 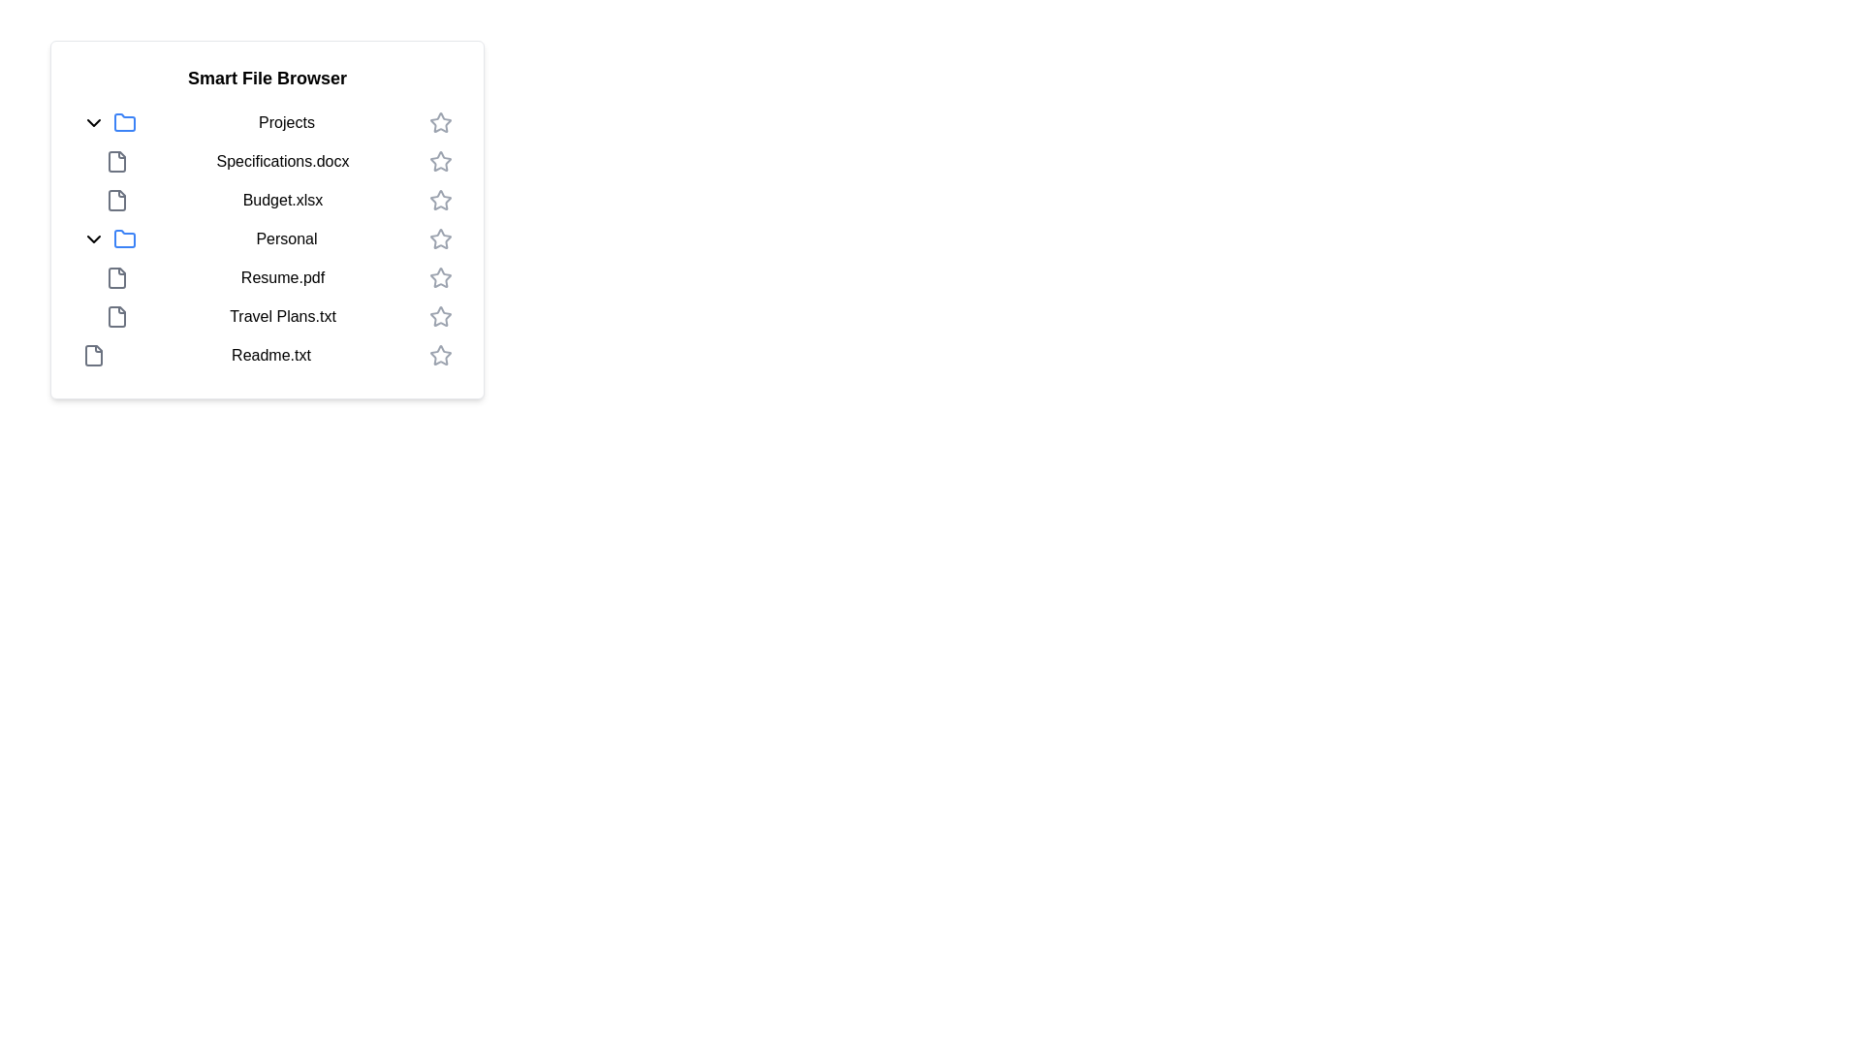 I want to click on the star-shaped icon (favorite marker) next to the 'Readme.txt' label, so click(x=440, y=355).